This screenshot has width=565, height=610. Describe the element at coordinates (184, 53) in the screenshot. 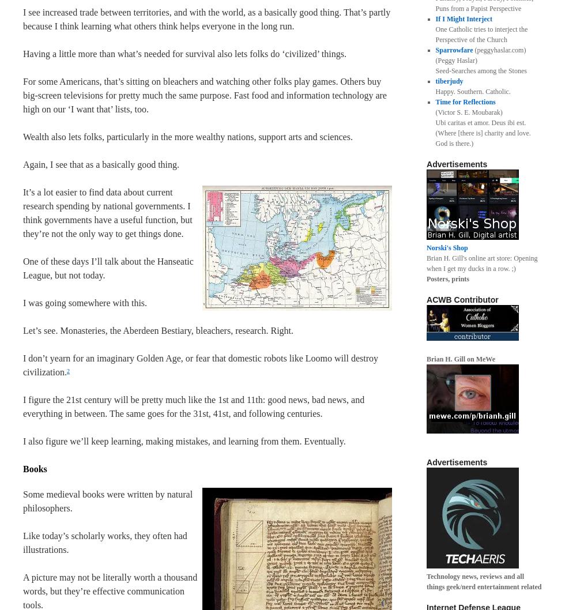

I see `'Having a little more than what’s needed for survival also lets folks do ‘civilized’ things.'` at that location.